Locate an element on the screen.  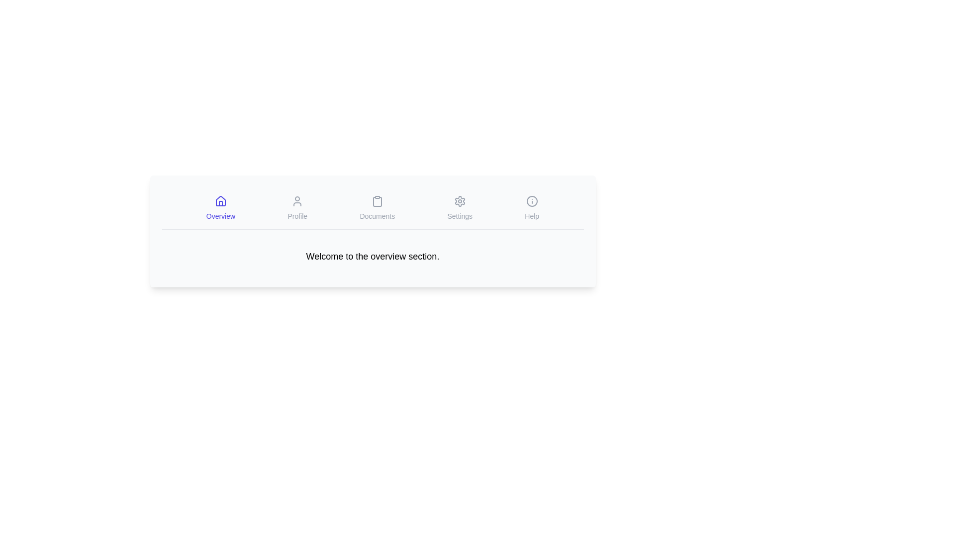
the clipboard icon located in the navigation bar is located at coordinates (377, 201).